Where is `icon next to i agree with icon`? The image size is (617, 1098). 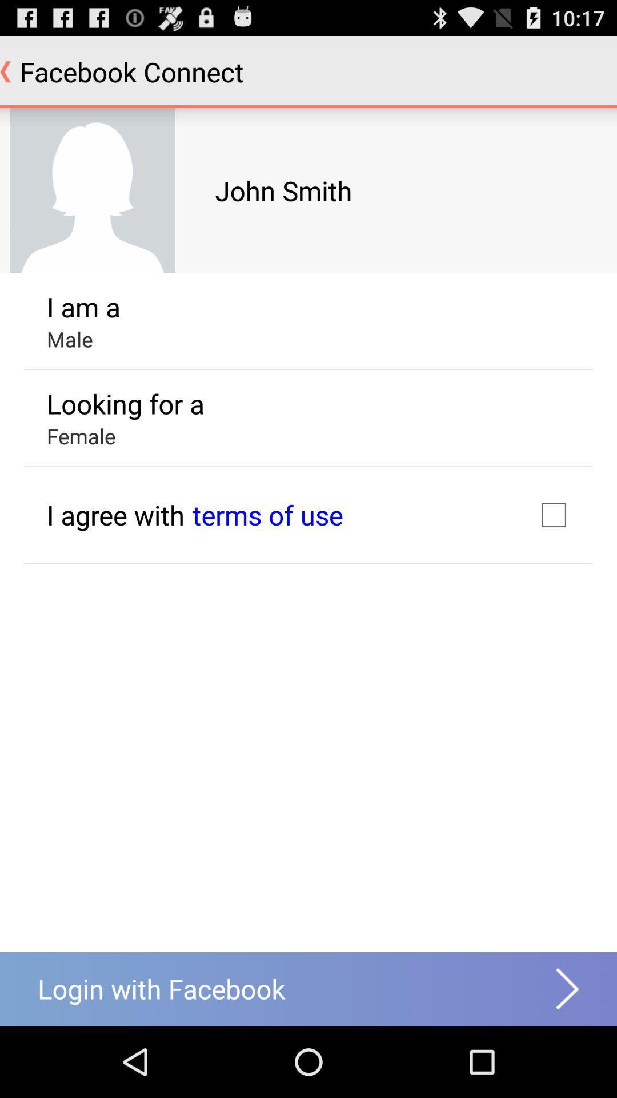 icon next to i agree with icon is located at coordinates (267, 514).